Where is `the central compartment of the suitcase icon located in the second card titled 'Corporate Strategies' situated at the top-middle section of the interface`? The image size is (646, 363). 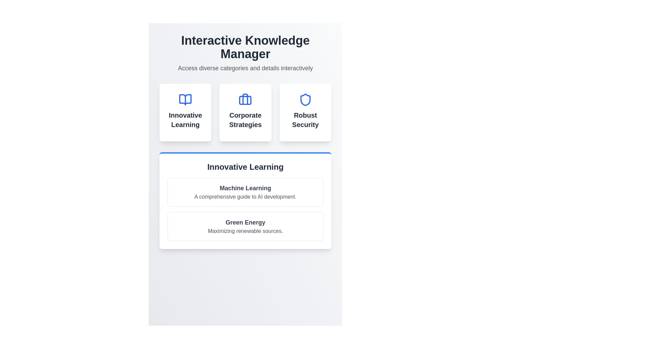
the central compartment of the suitcase icon located in the second card titled 'Corporate Strategies' situated at the top-middle section of the interface is located at coordinates (245, 100).